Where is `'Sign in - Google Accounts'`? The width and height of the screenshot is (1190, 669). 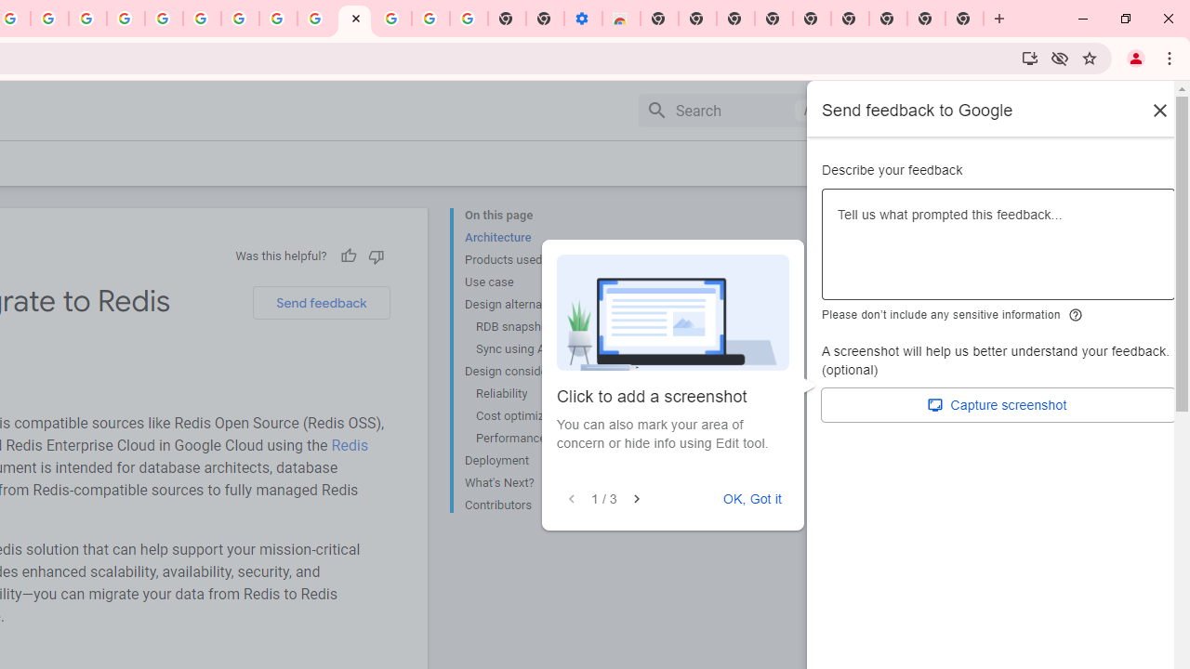 'Sign in - Google Accounts' is located at coordinates (391, 19).